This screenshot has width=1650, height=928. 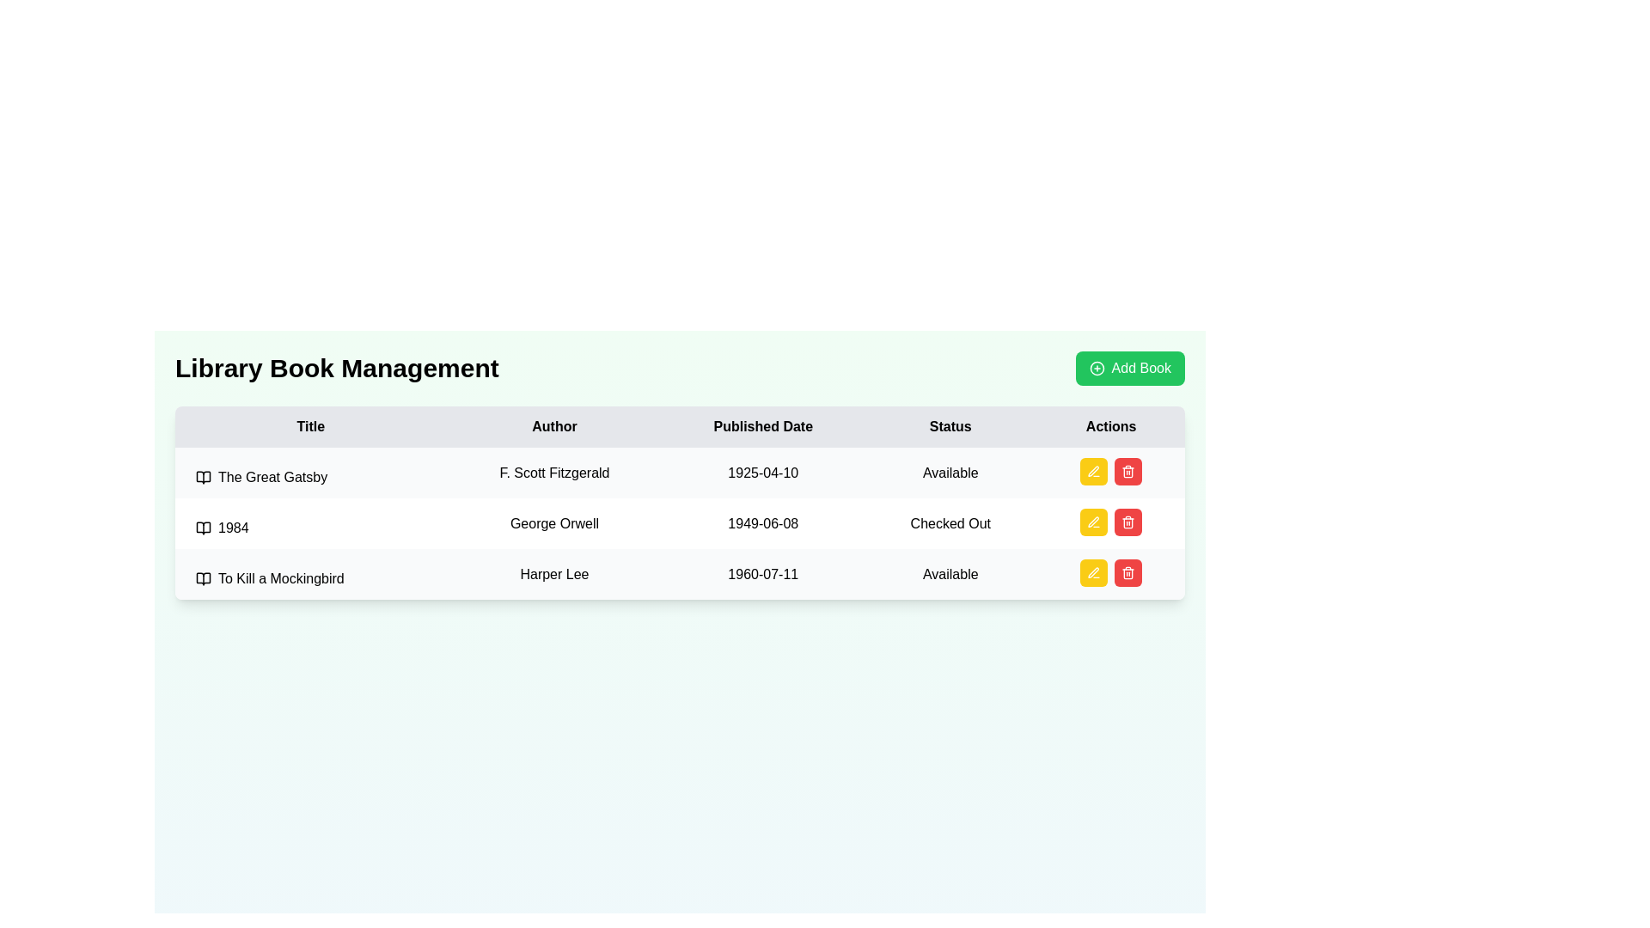 What do you see at coordinates (1128, 573) in the screenshot?
I see `the red button with a white trash can icon located in the Actions column of the third row of the Library Book Management table` at bounding box center [1128, 573].